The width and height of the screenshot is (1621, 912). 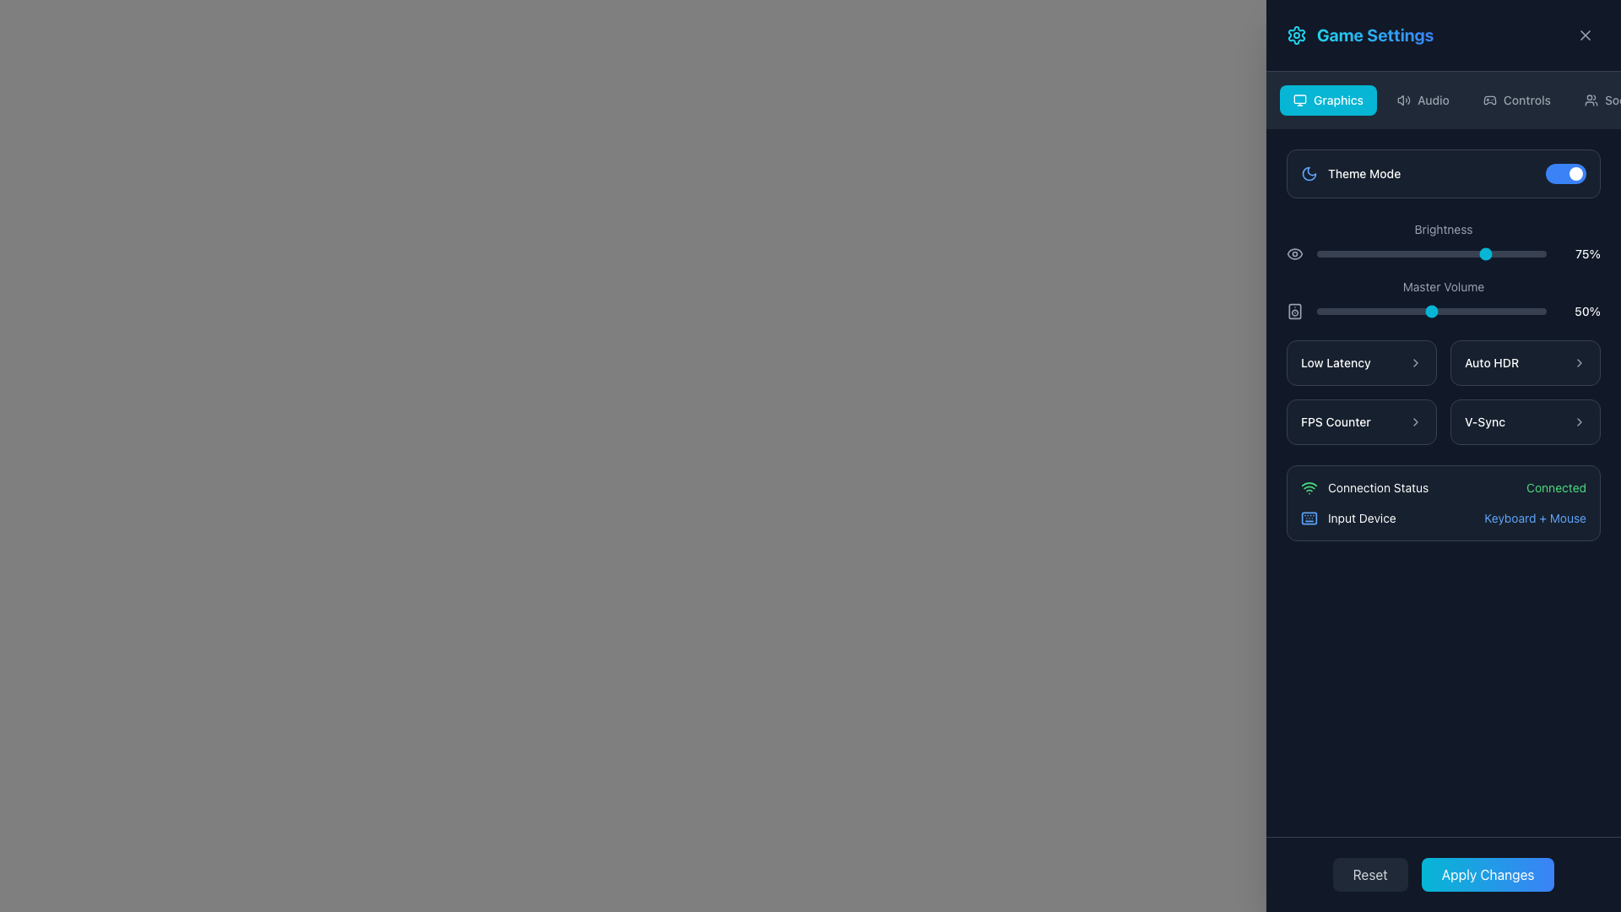 I want to click on the game controller icon located in the upper section of the menu panel, positioned left of the 'Controls' label, so click(x=1489, y=100).